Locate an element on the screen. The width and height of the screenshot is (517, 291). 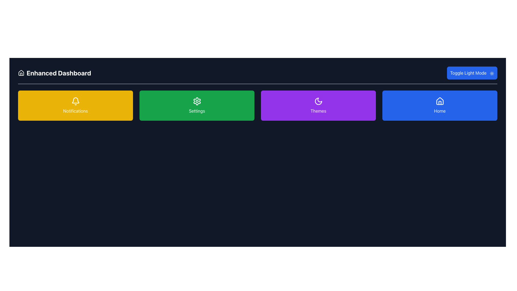
the light mode icon located at the rightmost section of the top bar, which is part of the 'Toggle Light Mode' button is located at coordinates (492, 73).